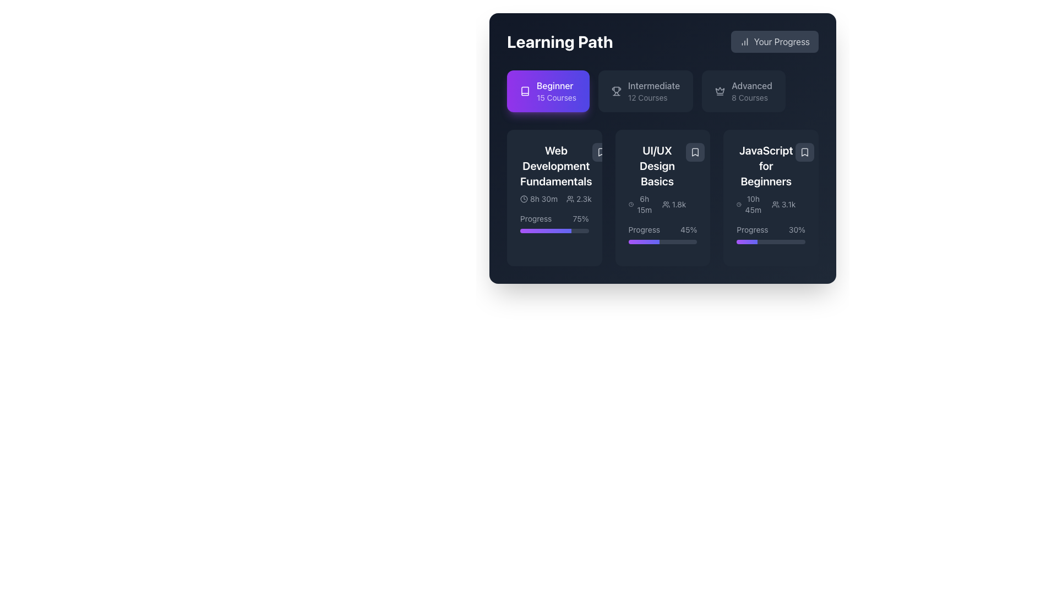 The width and height of the screenshot is (1057, 594). I want to click on the circular icon element representing the clock, which is located in the top-left corner of the clock icon, as part of the Web Development Fundamentals card, so click(523, 199).